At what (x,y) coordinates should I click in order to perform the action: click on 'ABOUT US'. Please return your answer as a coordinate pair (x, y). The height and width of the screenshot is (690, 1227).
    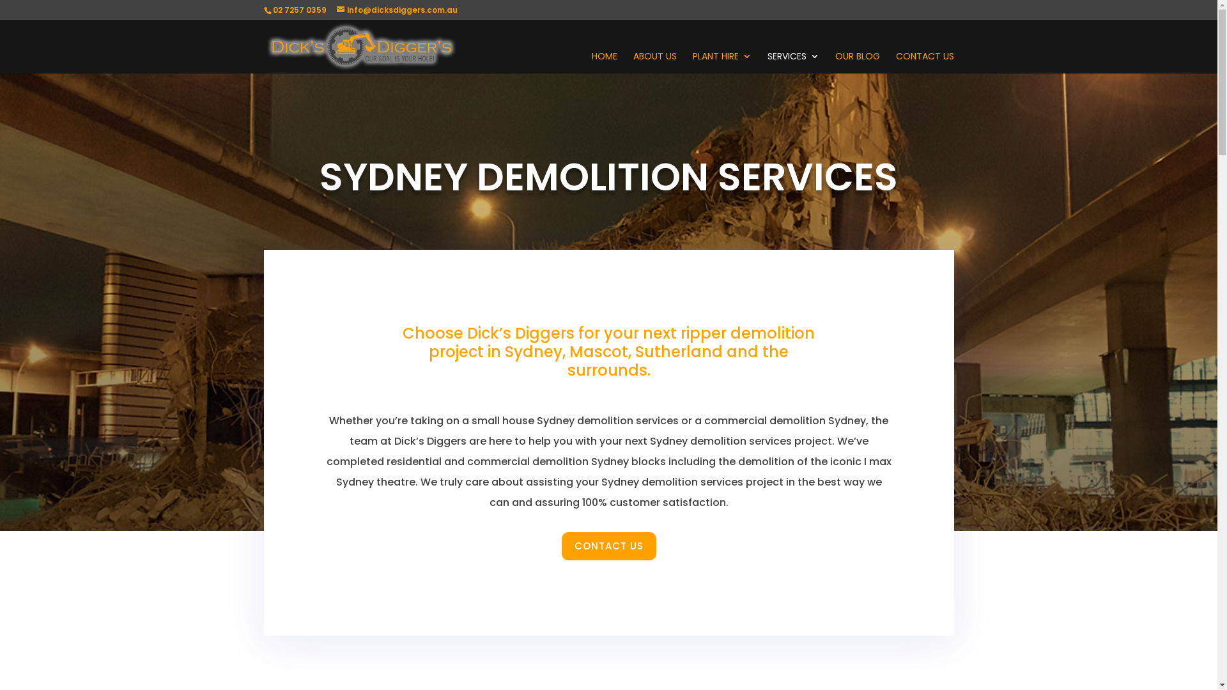
    Looking at the image, I should click on (654, 62).